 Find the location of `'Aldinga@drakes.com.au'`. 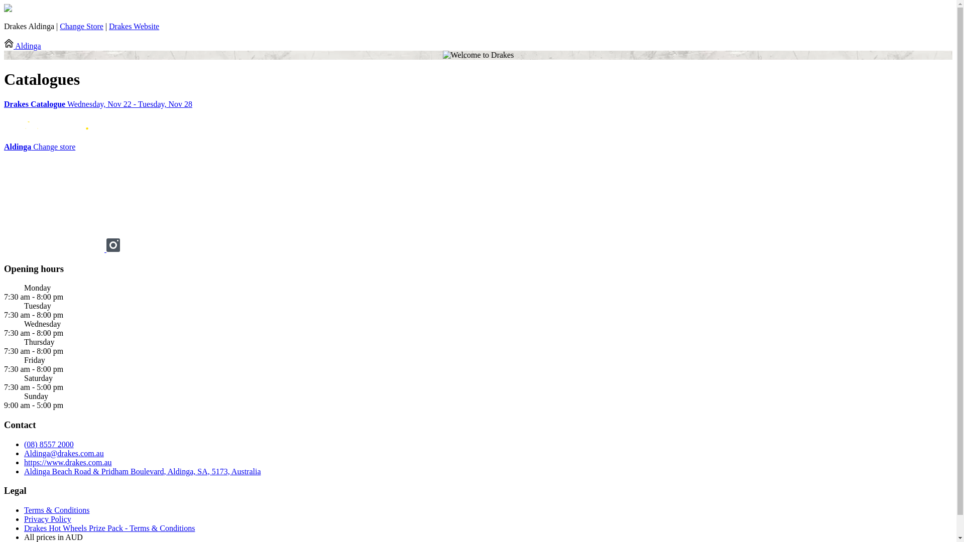

'Aldinga@drakes.com.au' is located at coordinates (63, 453).